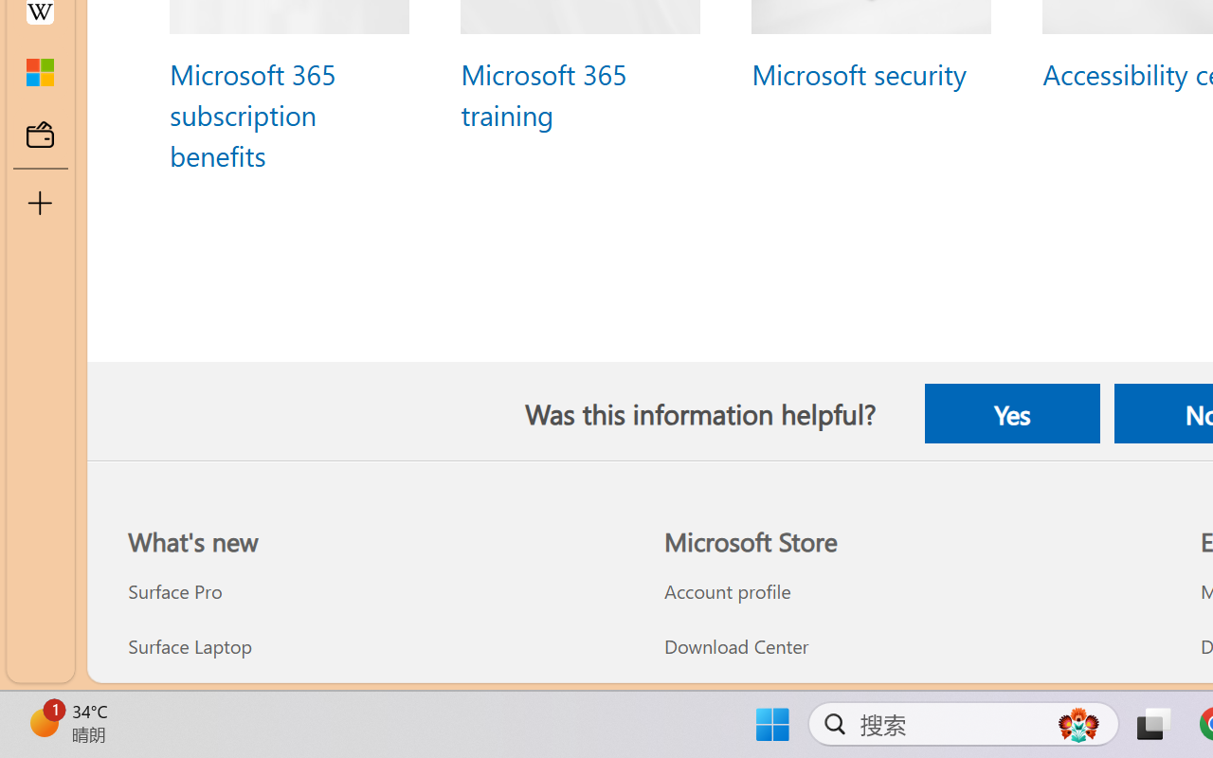 The height and width of the screenshot is (758, 1213). Describe the element at coordinates (857, 73) in the screenshot. I see `'Microsoft security'` at that location.